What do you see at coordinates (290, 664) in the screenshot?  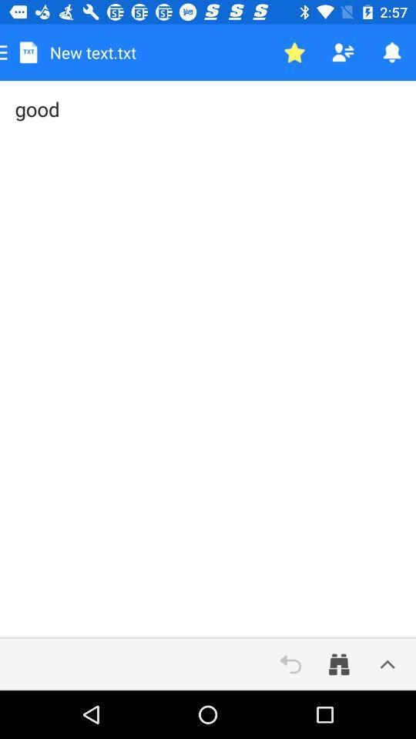 I see `the undo icon` at bounding box center [290, 664].